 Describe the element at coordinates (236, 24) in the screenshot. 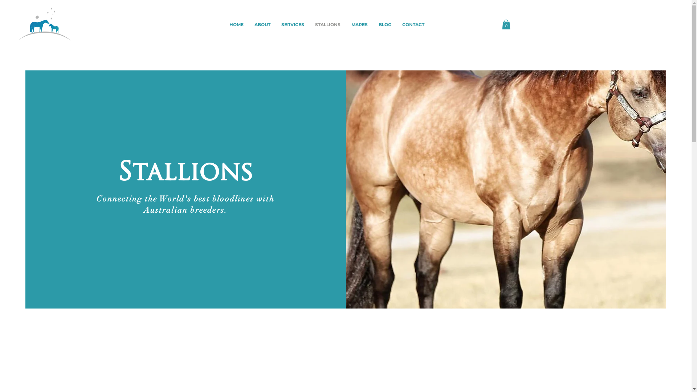

I see `'HOME'` at that location.